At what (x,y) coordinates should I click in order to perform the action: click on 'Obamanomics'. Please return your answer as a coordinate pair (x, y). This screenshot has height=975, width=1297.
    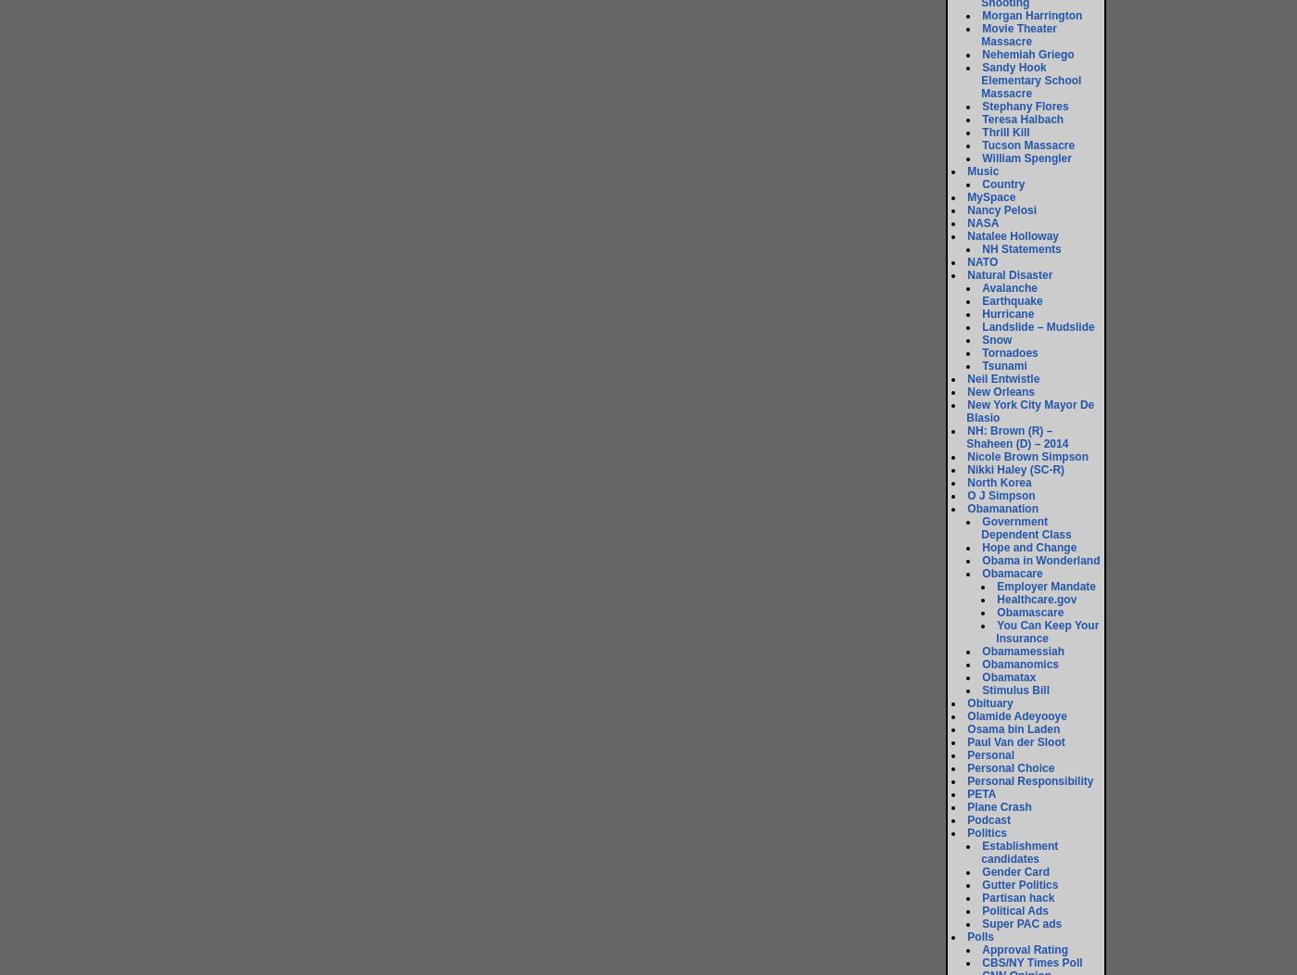
    Looking at the image, I should click on (981, 665).